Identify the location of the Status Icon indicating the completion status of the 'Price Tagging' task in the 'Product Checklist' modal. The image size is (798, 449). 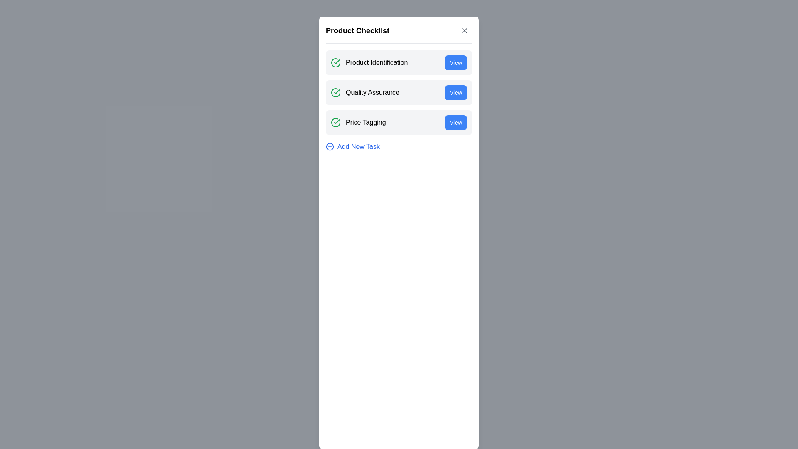
(335, 122).